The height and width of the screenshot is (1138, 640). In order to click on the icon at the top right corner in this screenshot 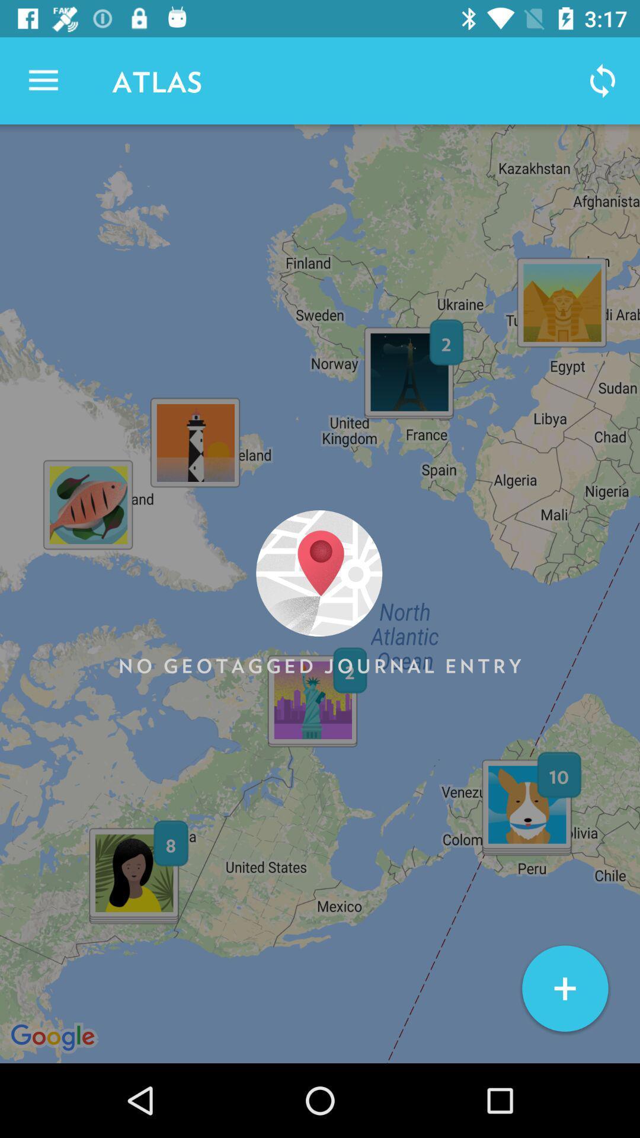, I will do `click(603, 80)`.